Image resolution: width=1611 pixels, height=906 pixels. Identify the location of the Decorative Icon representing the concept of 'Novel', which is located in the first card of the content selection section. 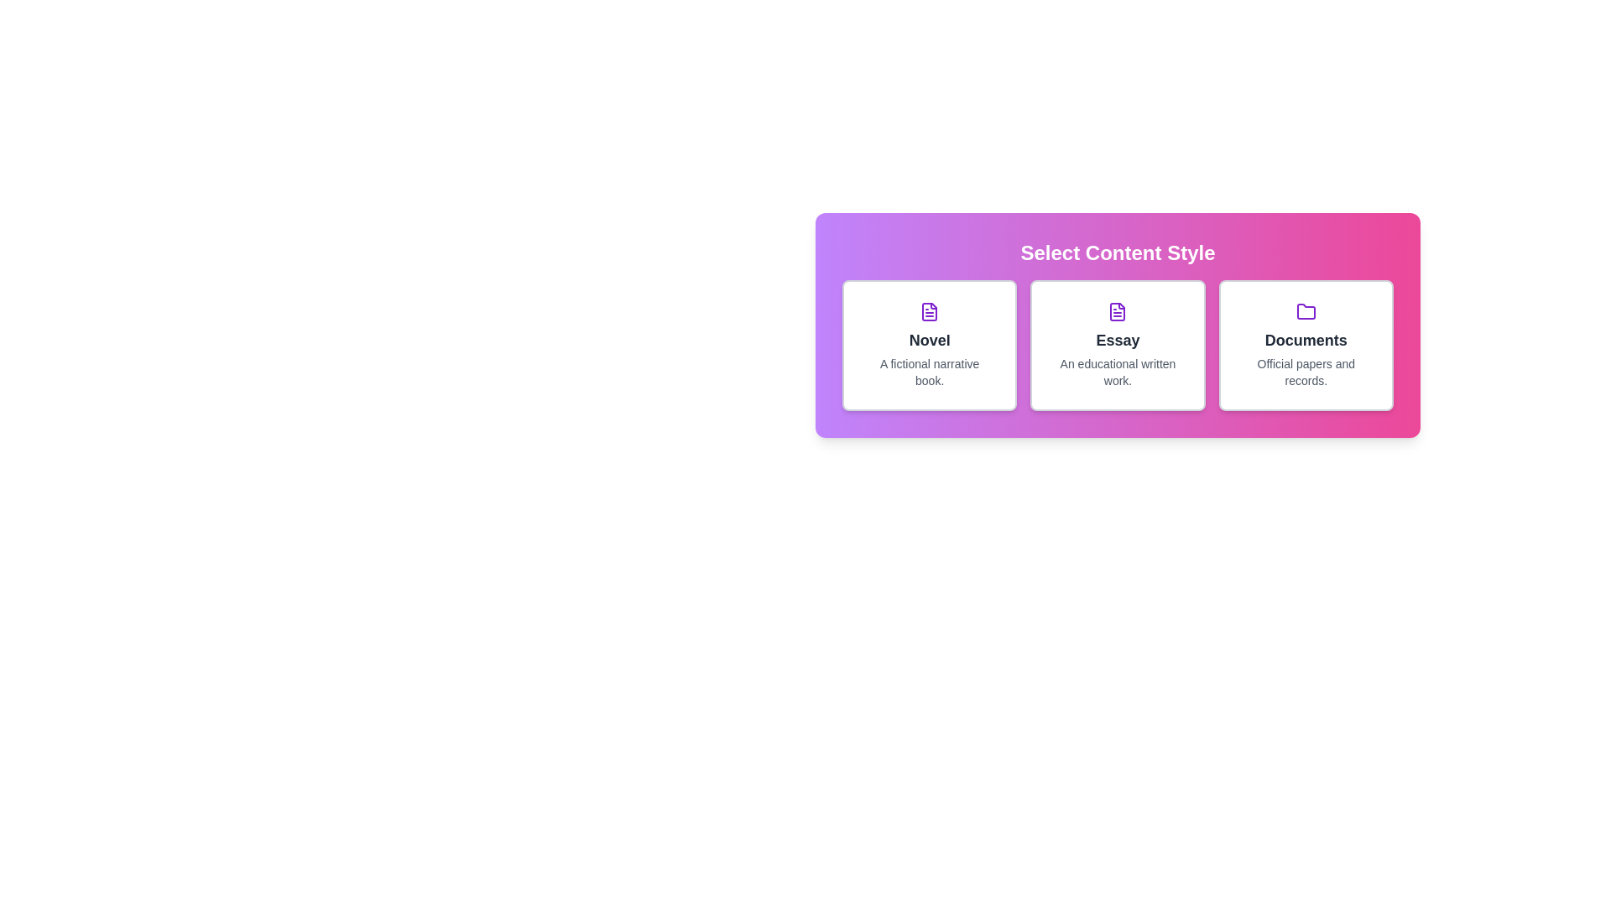
(929, 311).